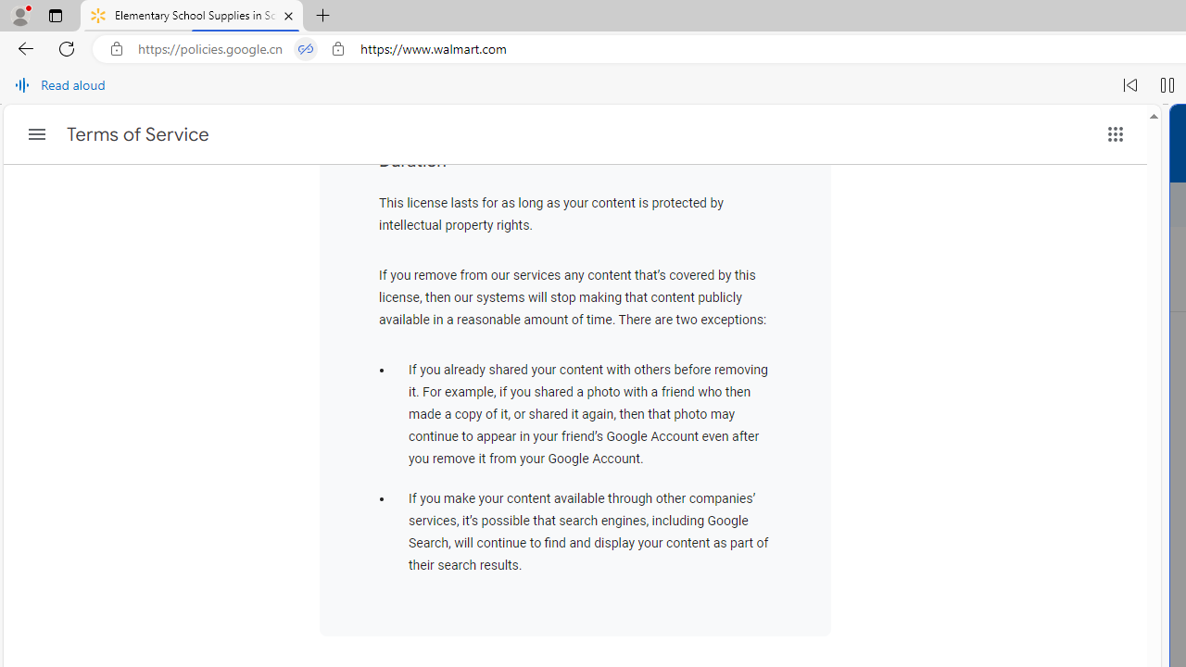 This screenshot has width=1186, height=667. What do you see at coordinates (1129, 85) in the screenshot?
I see `'Read previous paragraph'` at bounding box center [1129, 85].